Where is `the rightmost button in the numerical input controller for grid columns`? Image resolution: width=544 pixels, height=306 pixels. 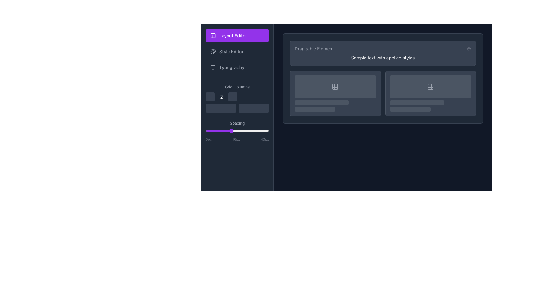
the rightmost button in the numerical input controller for grid columns is located at coordinates (237, 98).